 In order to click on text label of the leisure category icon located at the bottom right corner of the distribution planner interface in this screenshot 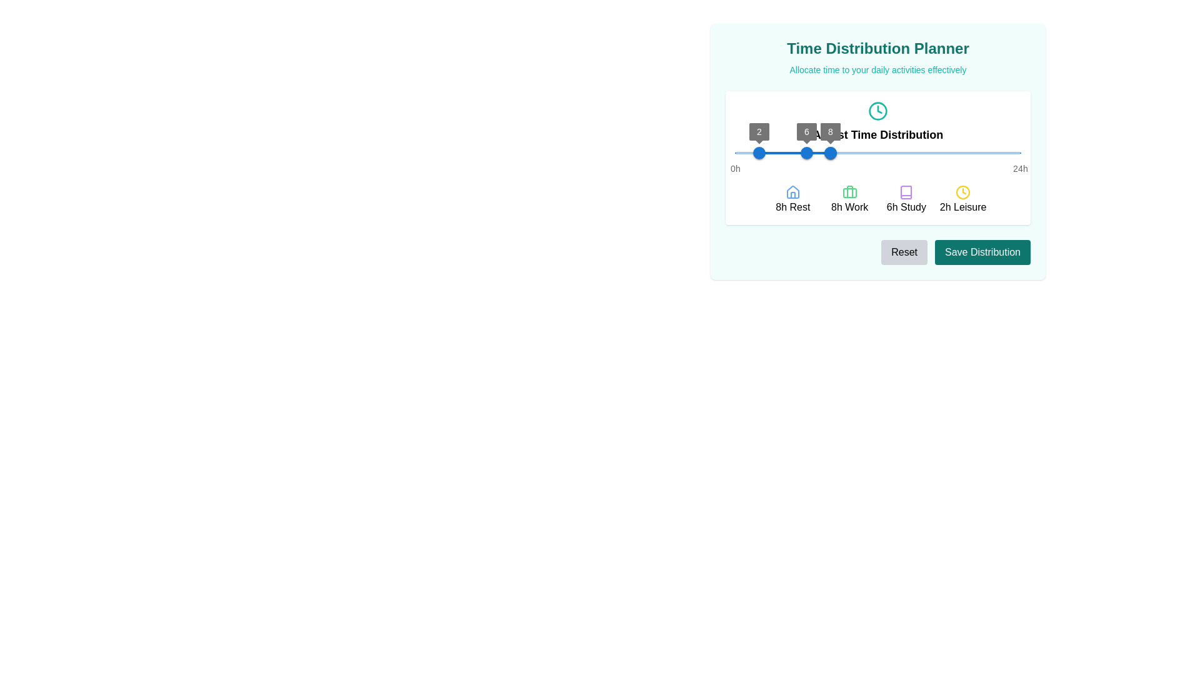, I will do `click(962, 199)`.